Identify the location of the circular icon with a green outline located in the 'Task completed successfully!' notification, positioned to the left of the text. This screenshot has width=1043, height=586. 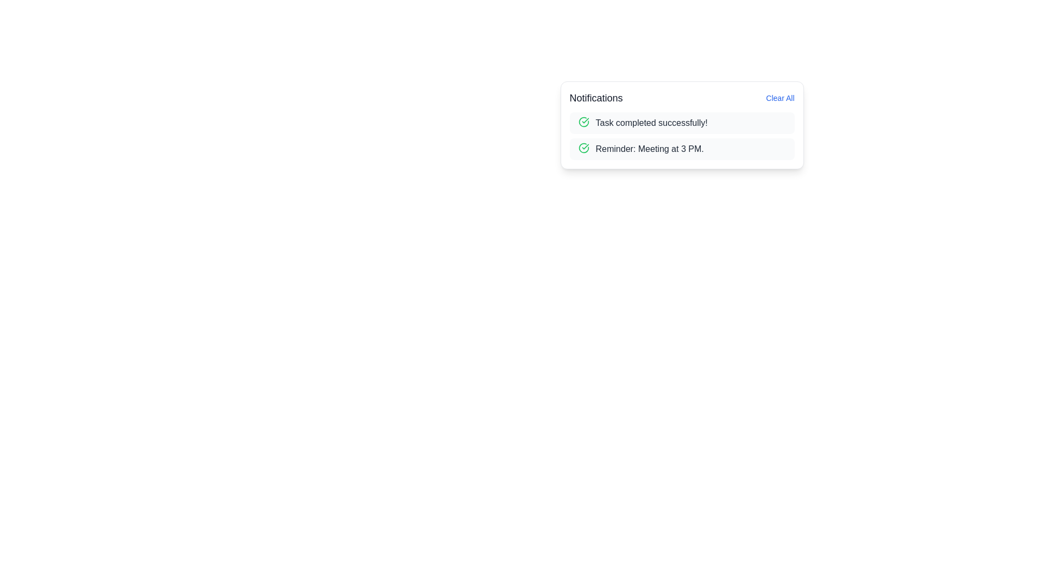
(583, 122).